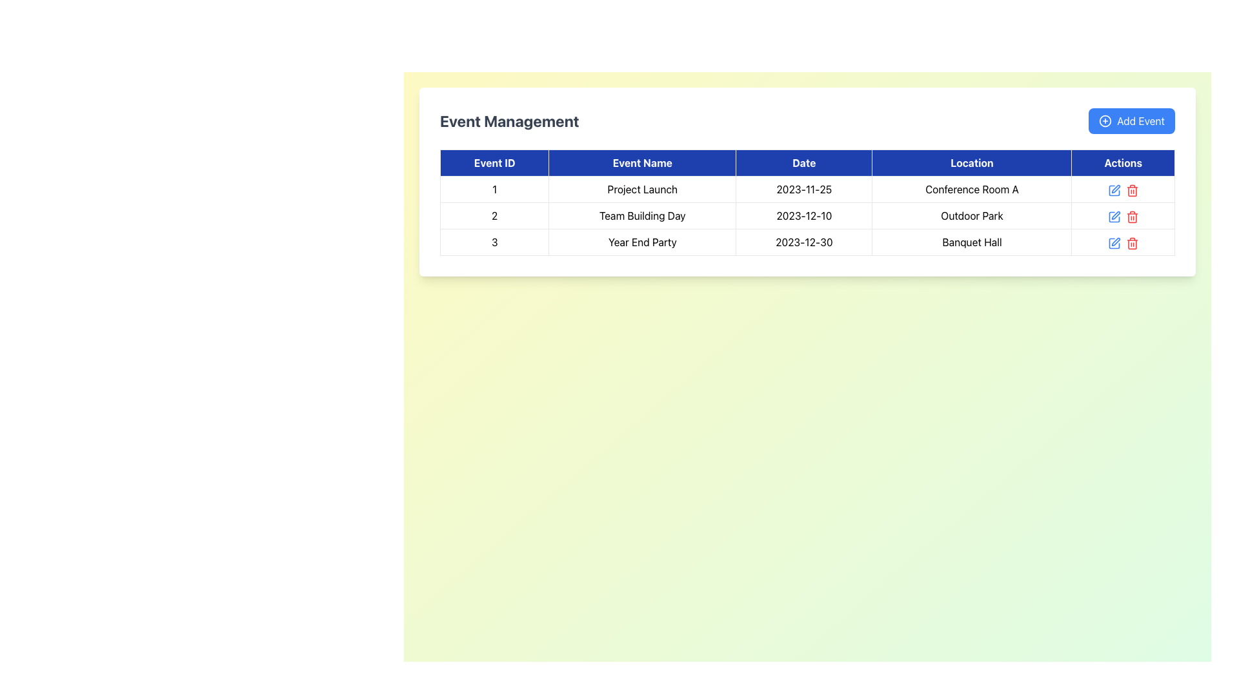 This screenshot has width=1239, height=696. I want to click on the first row of the table that represents the event with Event ID '1', Event Name 'Project Launch', Date '2023-11-25', and Location 'Conference Room A', so click(807, 189).